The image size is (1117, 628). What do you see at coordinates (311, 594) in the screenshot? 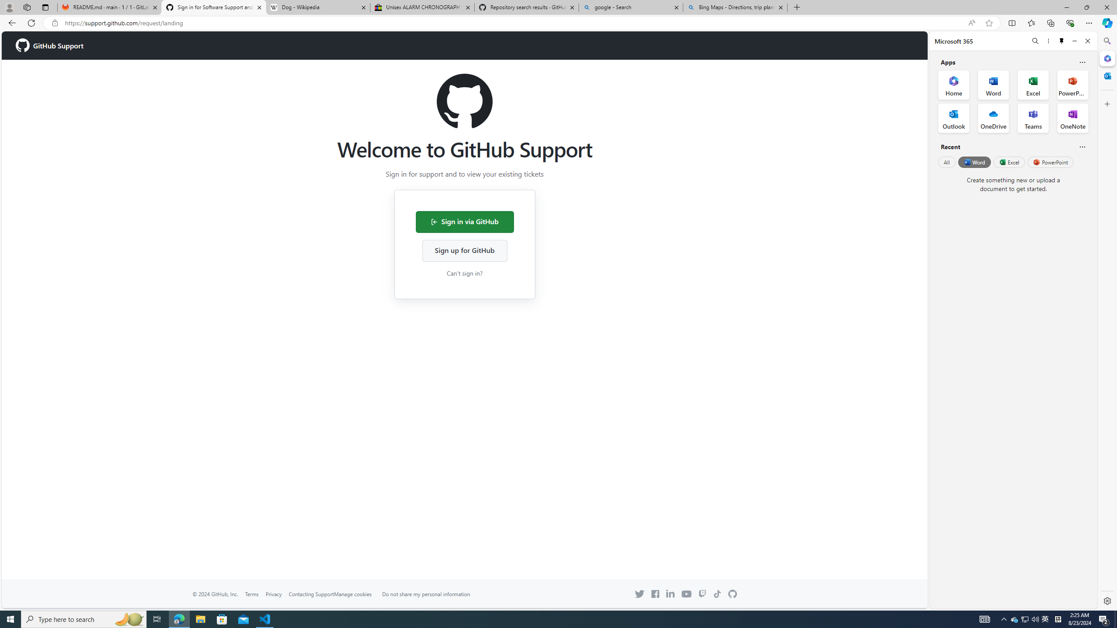
I see `'Contacting Support'` at bounding box center [311, 594].